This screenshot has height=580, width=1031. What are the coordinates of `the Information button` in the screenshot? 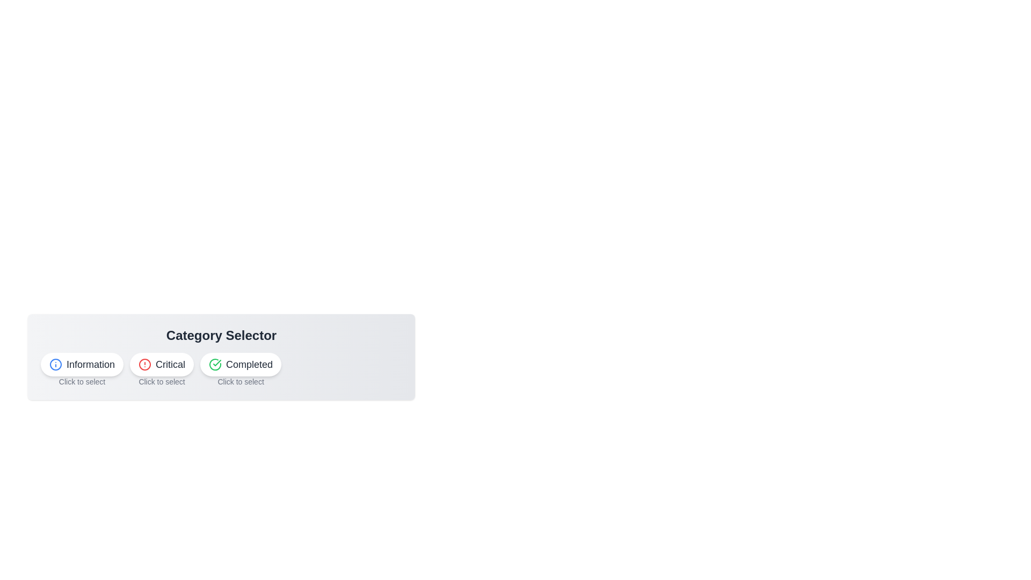 It's located at (82, 364).